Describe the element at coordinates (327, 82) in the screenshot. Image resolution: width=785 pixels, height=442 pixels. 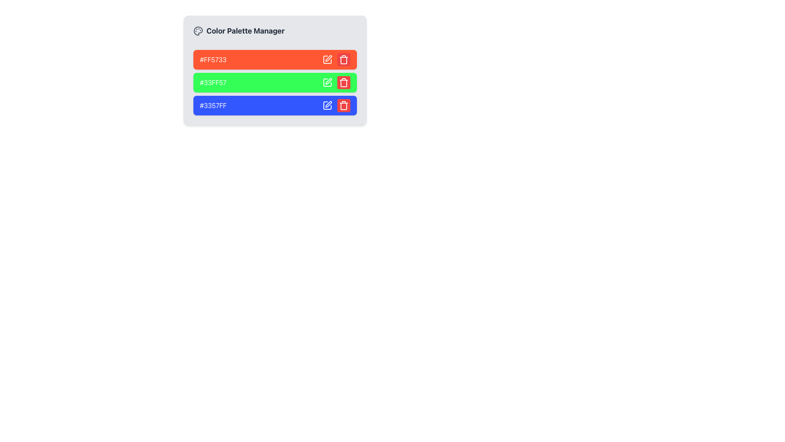
I see `the Edit Icon (Button) which is a small pen icon in a square, located to the right of the color code display in the green row of a color palette selection` at that location.